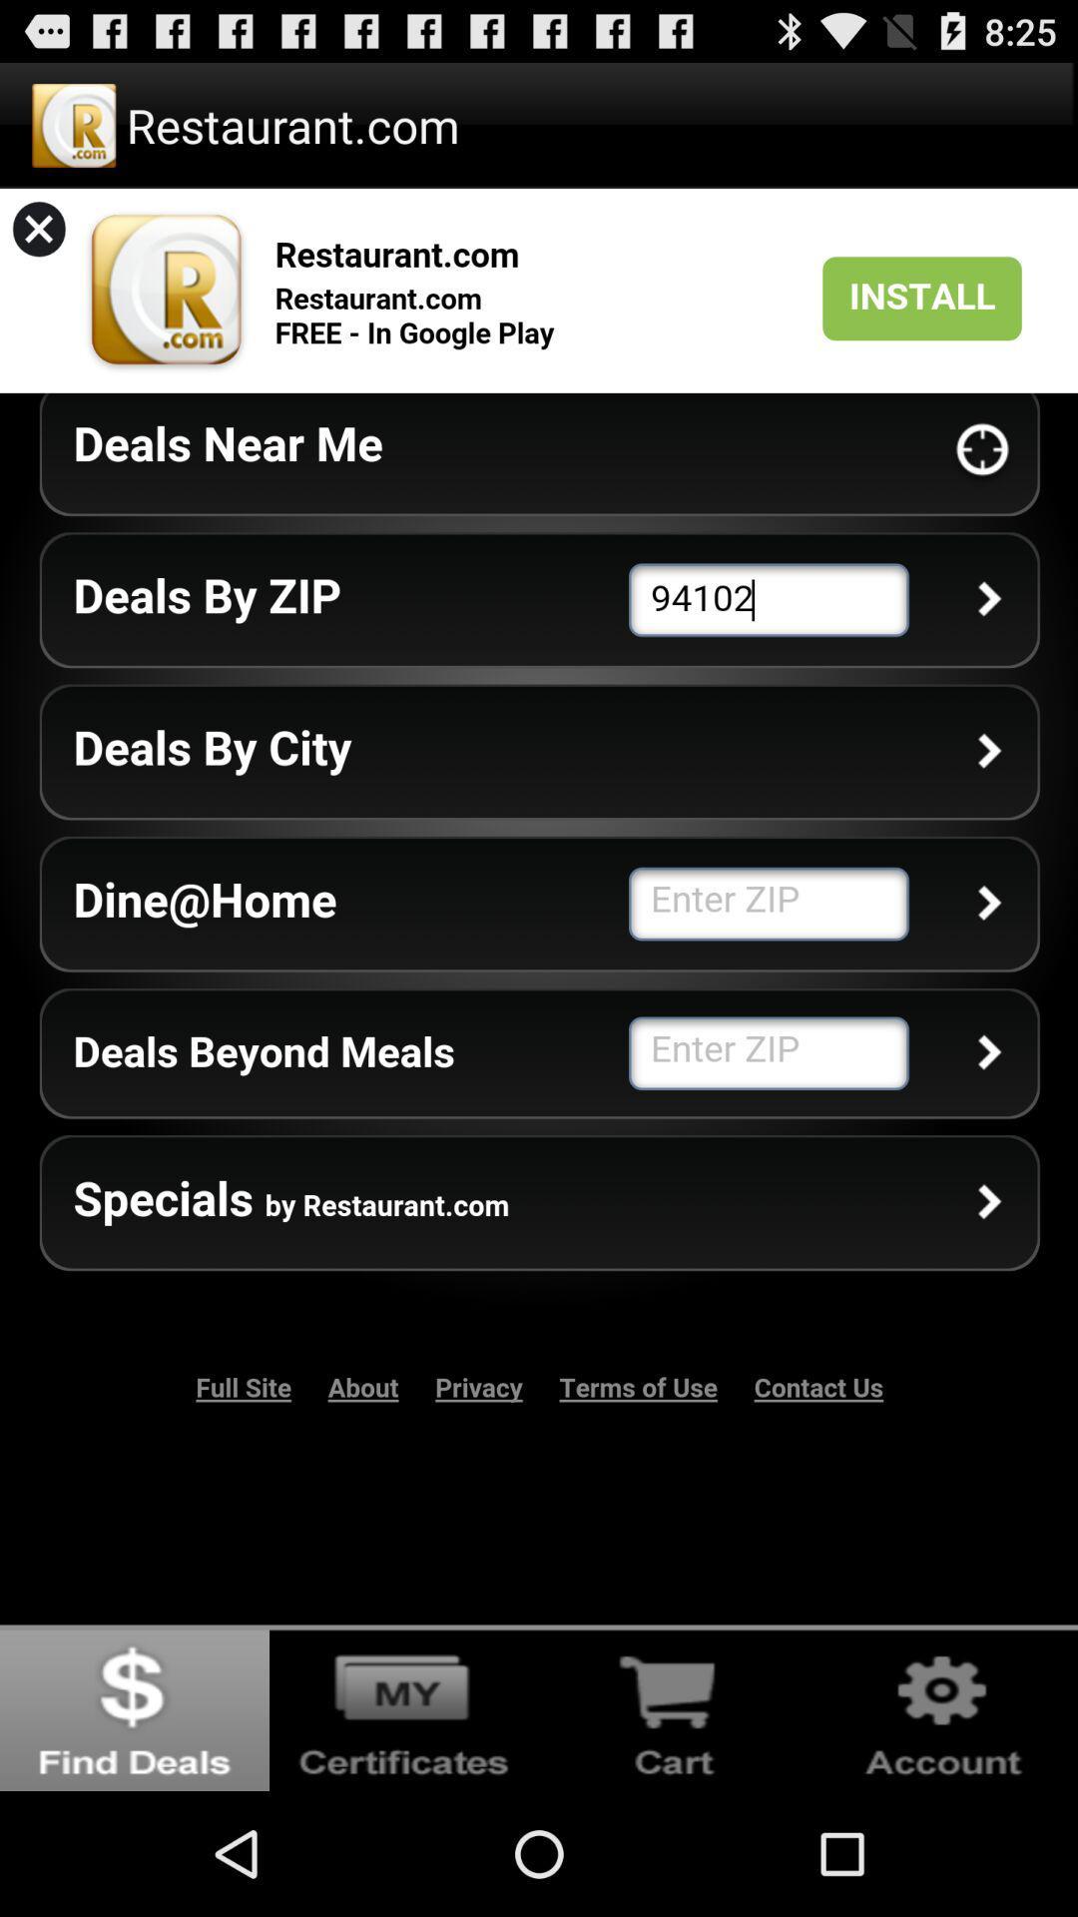  Describe the element at coordinates (674, 1706) in the screenshot. I see `the cart option` at that location.